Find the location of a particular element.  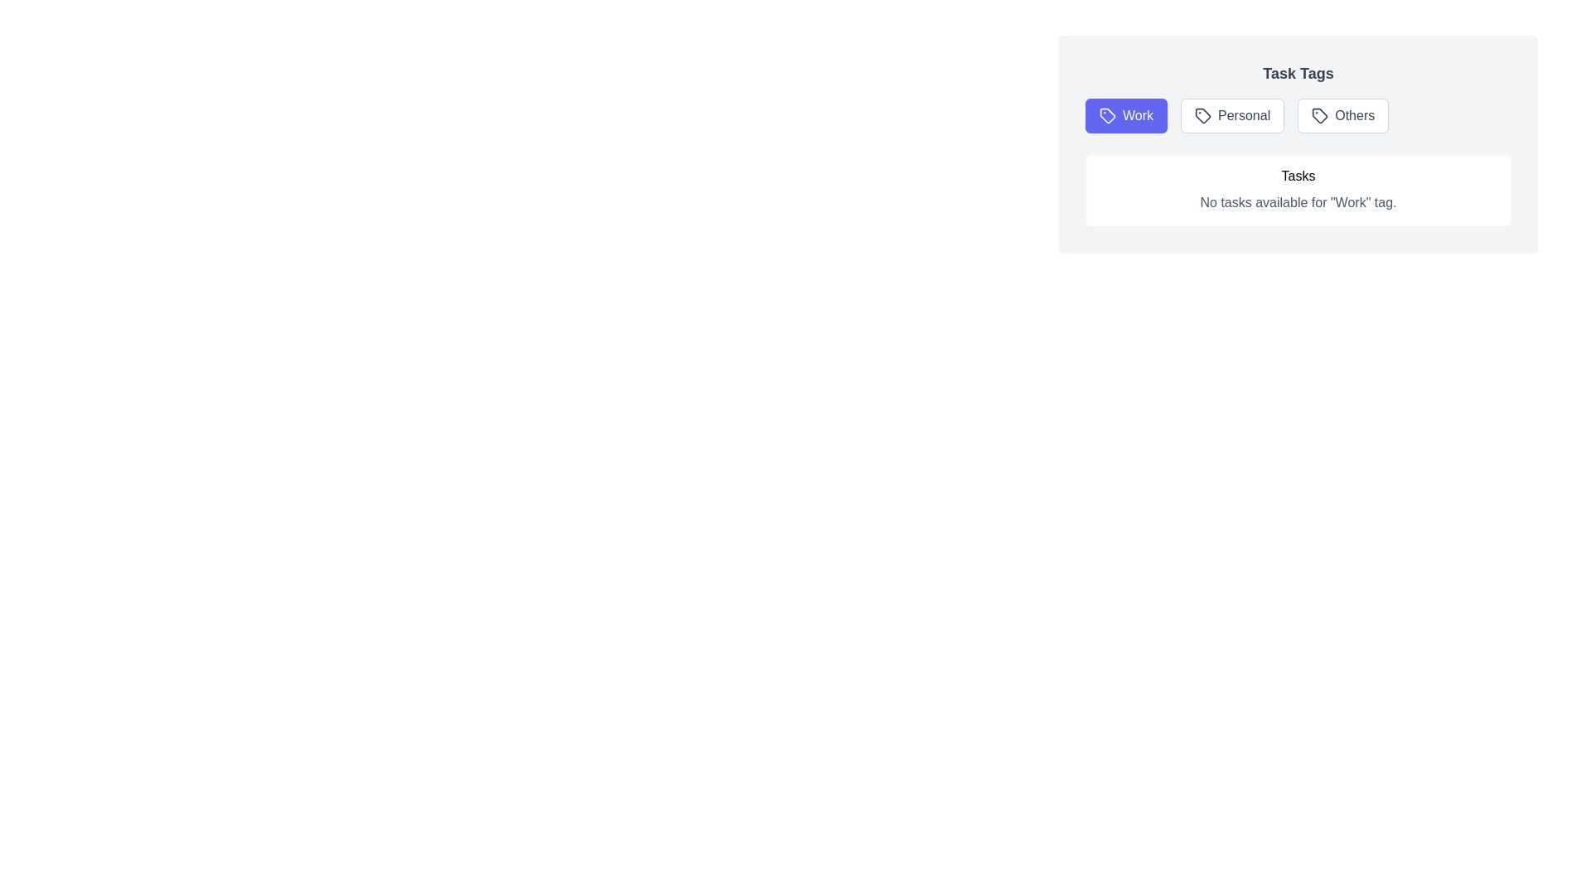

header text indicating the section related to 'Tasks', which is centrally located inside a white box with rounded corners above the message 'No tasks available for "Work" tag.' is located at coordinates (1297, 176).